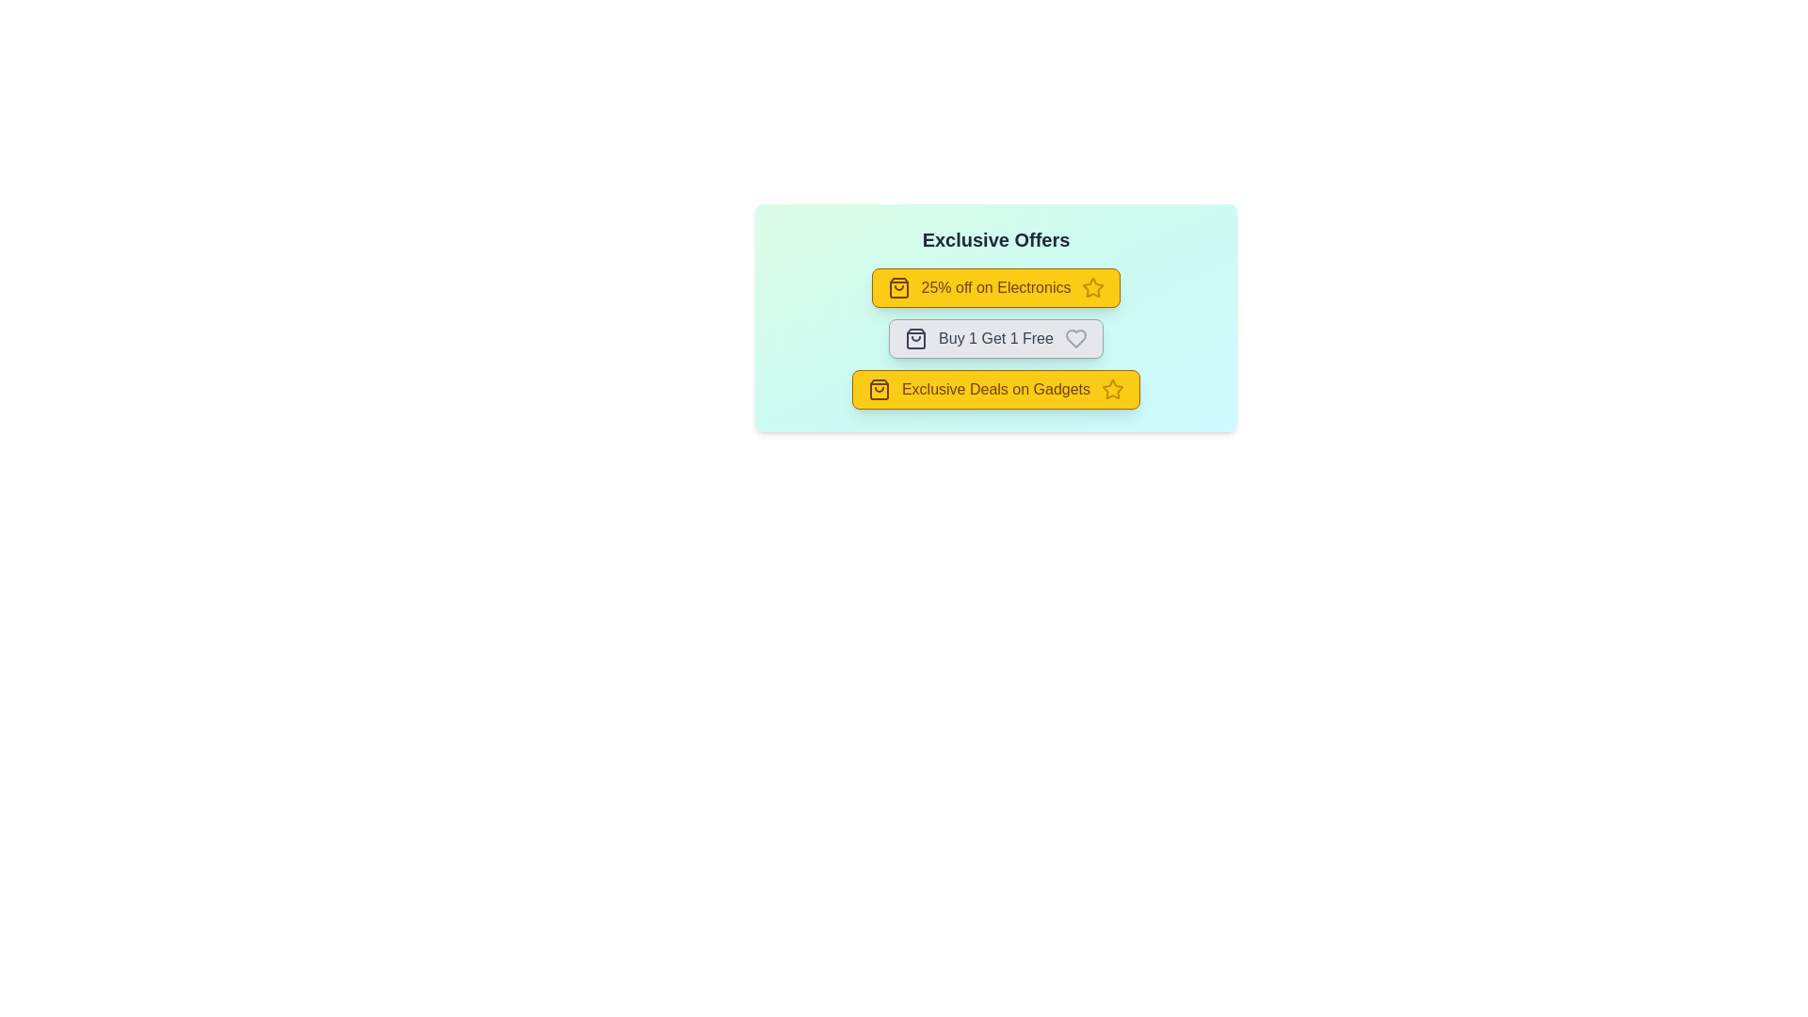 The image size is (1808, 1017). Describe the element at coordinates (994, 287) in the screenshot. I see `the offer chip corresponding to 25% off on Electronics to observe the visual feedback` at that location.